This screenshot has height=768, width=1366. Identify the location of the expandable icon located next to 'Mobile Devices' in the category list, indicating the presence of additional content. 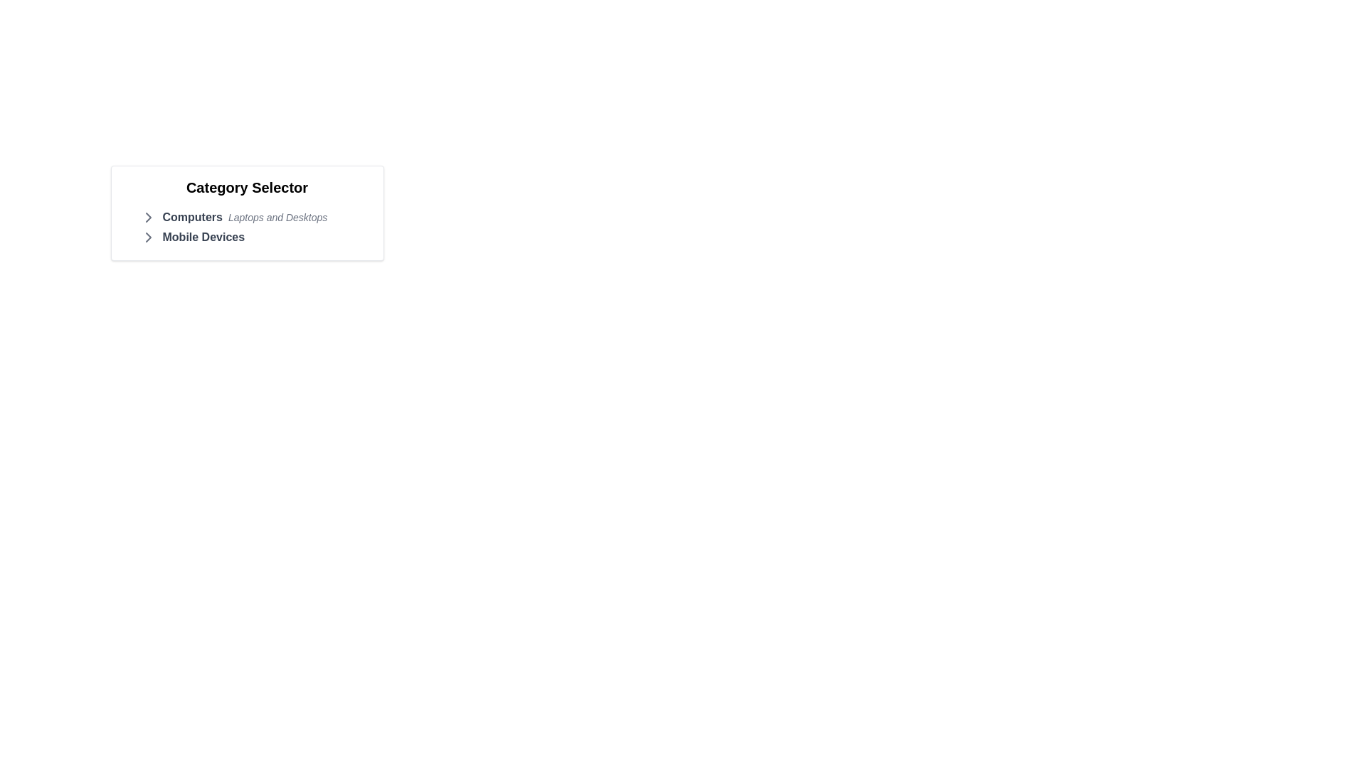
(148, 217).